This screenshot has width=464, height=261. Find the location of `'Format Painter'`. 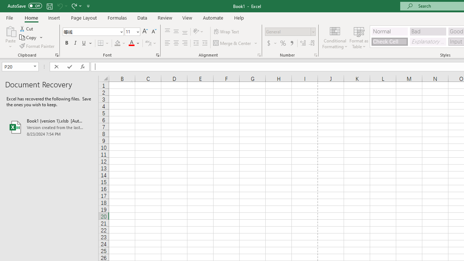

'Format Painter' is located at coordinates (37, 46).